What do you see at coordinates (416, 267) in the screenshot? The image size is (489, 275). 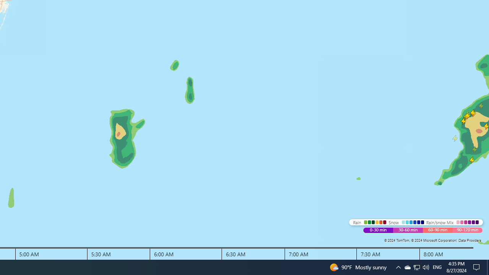 I see `'User Promoted Notification Area'` at bounding box center [416, 267].